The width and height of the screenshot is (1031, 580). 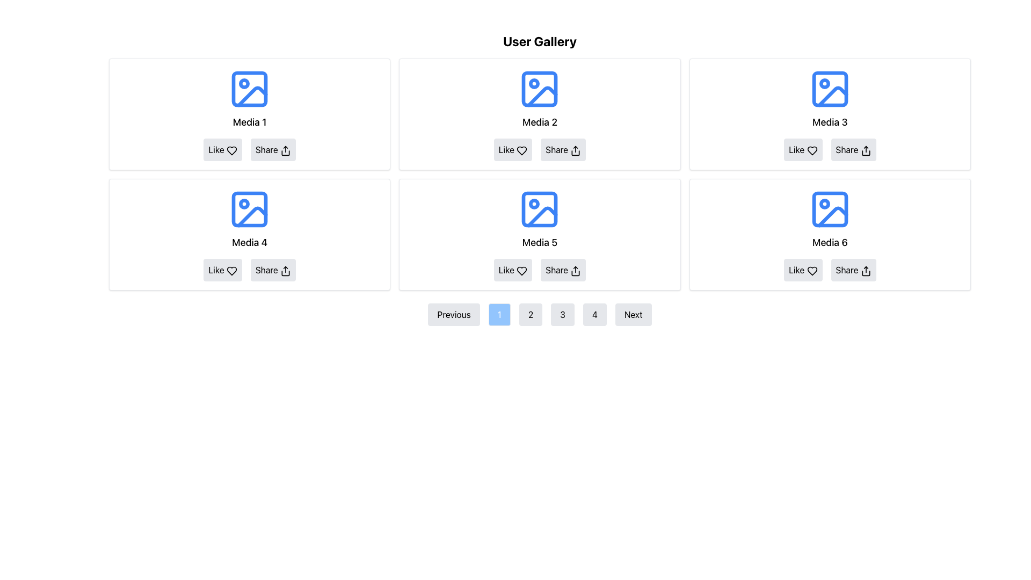 What do you see at coordinates (562, 314) in the screenshot?
I see `the button labeled '3', which is styled with rounded corners and changes to blue when hovered, located in the pagination control sequence` at bounding box center [562, 314].